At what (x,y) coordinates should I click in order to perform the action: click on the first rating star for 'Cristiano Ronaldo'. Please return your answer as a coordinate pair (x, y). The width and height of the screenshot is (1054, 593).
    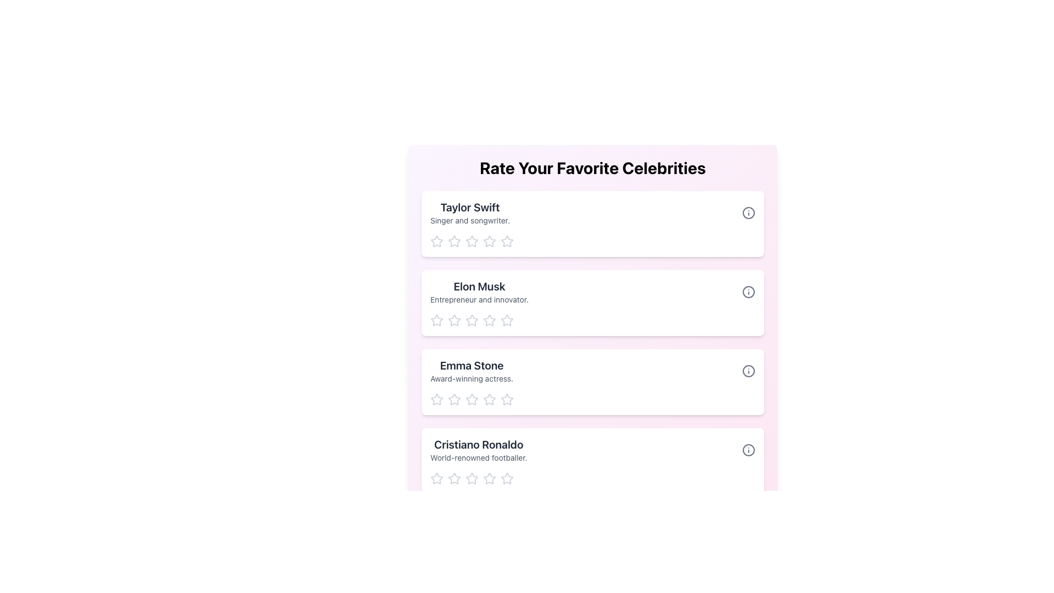
    Looking at the image, I should click on (436, 478).